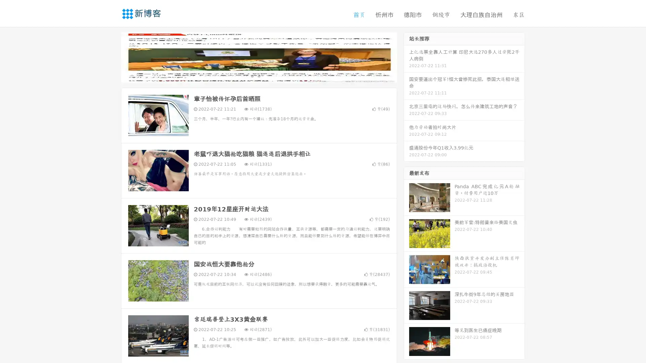 This screenshot has width=646, height=363. What do you see at coordinates (406, 56) in the screenshot?
I see `Next slide` at bounding box center [406, 56].